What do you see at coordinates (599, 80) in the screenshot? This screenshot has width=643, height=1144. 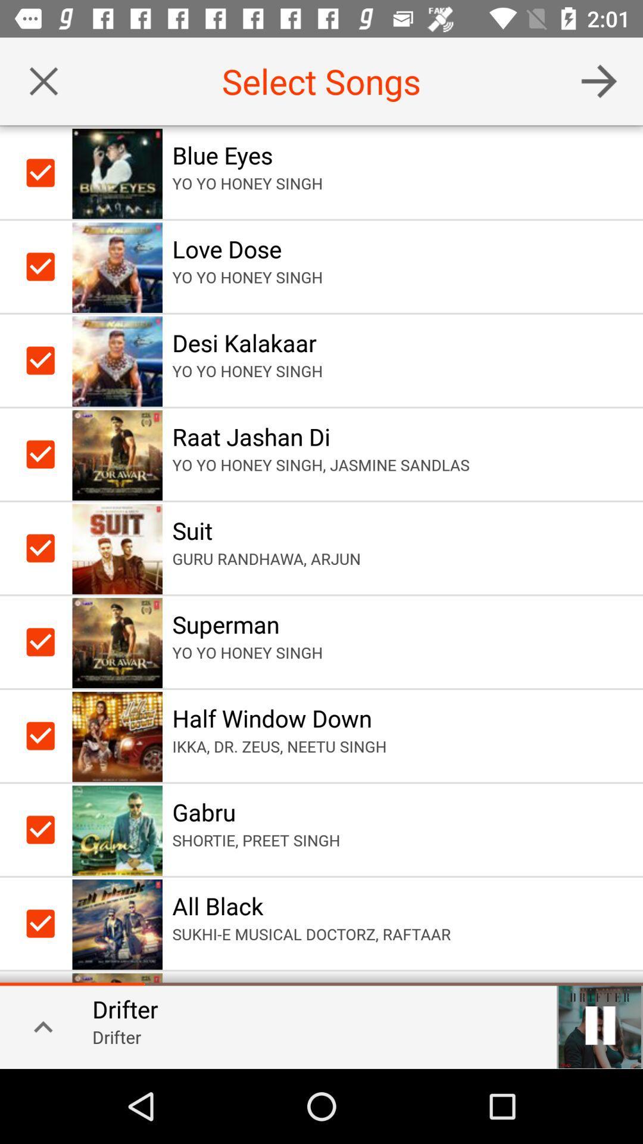 I see `the item at the top right corner` at bounding box center [599, 80].